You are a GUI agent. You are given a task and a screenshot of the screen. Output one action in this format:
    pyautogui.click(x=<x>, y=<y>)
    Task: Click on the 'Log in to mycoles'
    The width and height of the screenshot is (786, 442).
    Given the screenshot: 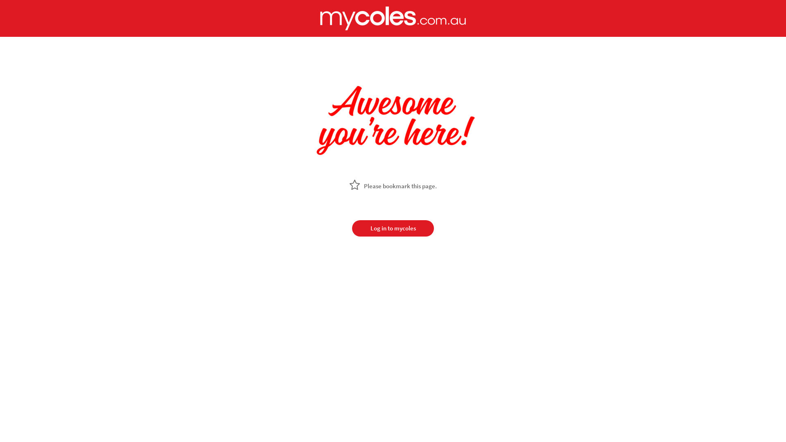 What is the action you would take?
    pyautogui.click(x=393, y=228)
    